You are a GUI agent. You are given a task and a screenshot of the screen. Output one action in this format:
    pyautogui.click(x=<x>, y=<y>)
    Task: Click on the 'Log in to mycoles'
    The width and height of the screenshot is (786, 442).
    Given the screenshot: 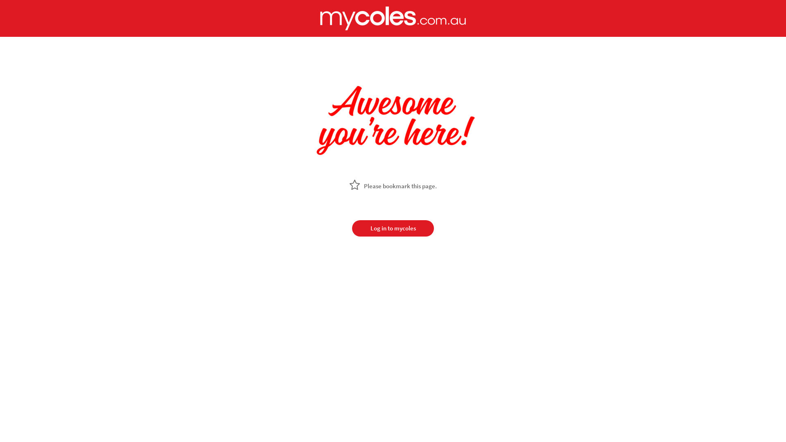 What is the action you would take?
    pyautogui.click(x=393, y=228)
    